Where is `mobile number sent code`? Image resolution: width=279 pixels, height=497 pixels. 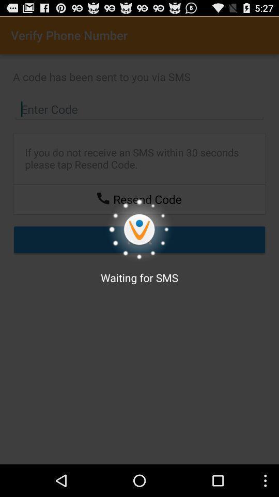 mobile number sent code is located at coordinates (103, 197).